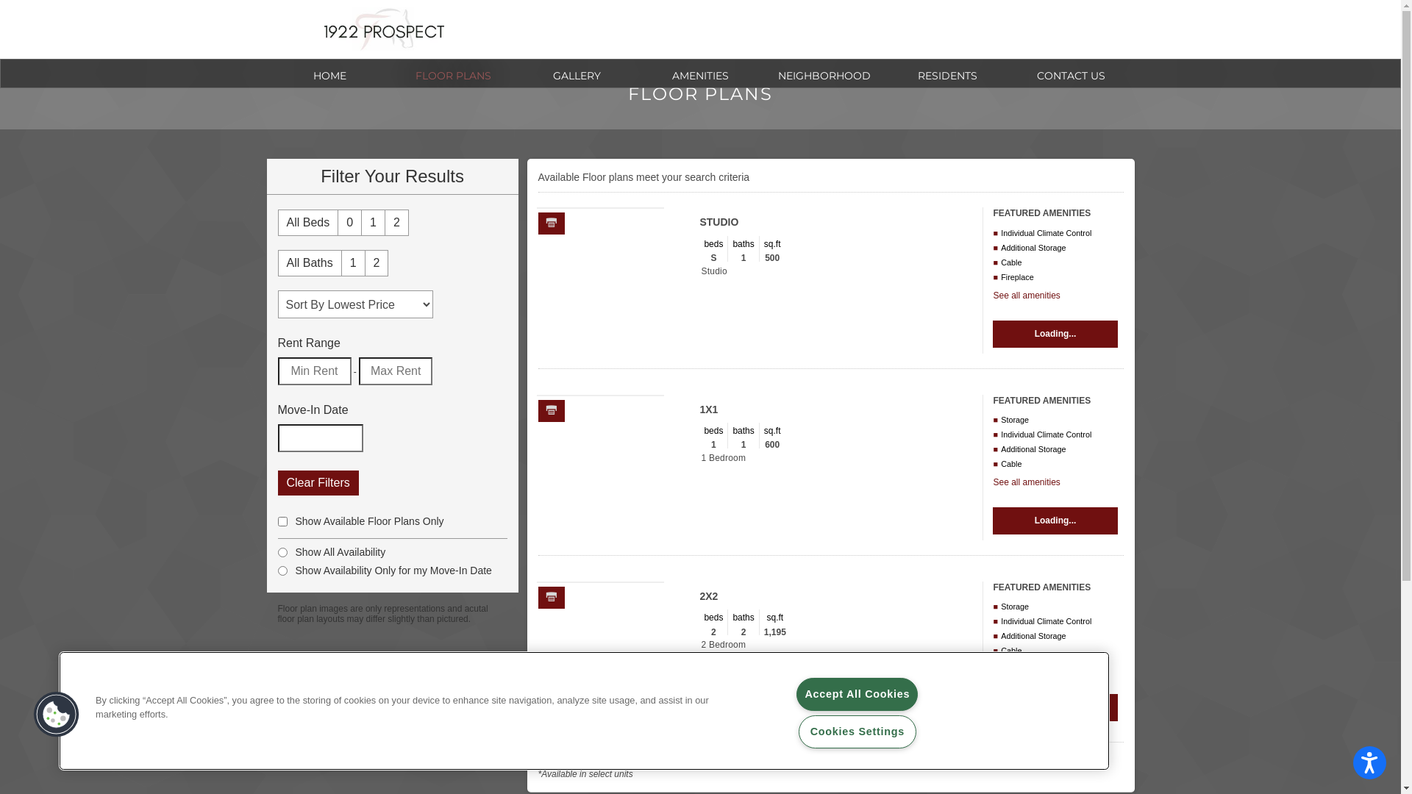  I want to click on 'AMENITIES', so click(699, 74).